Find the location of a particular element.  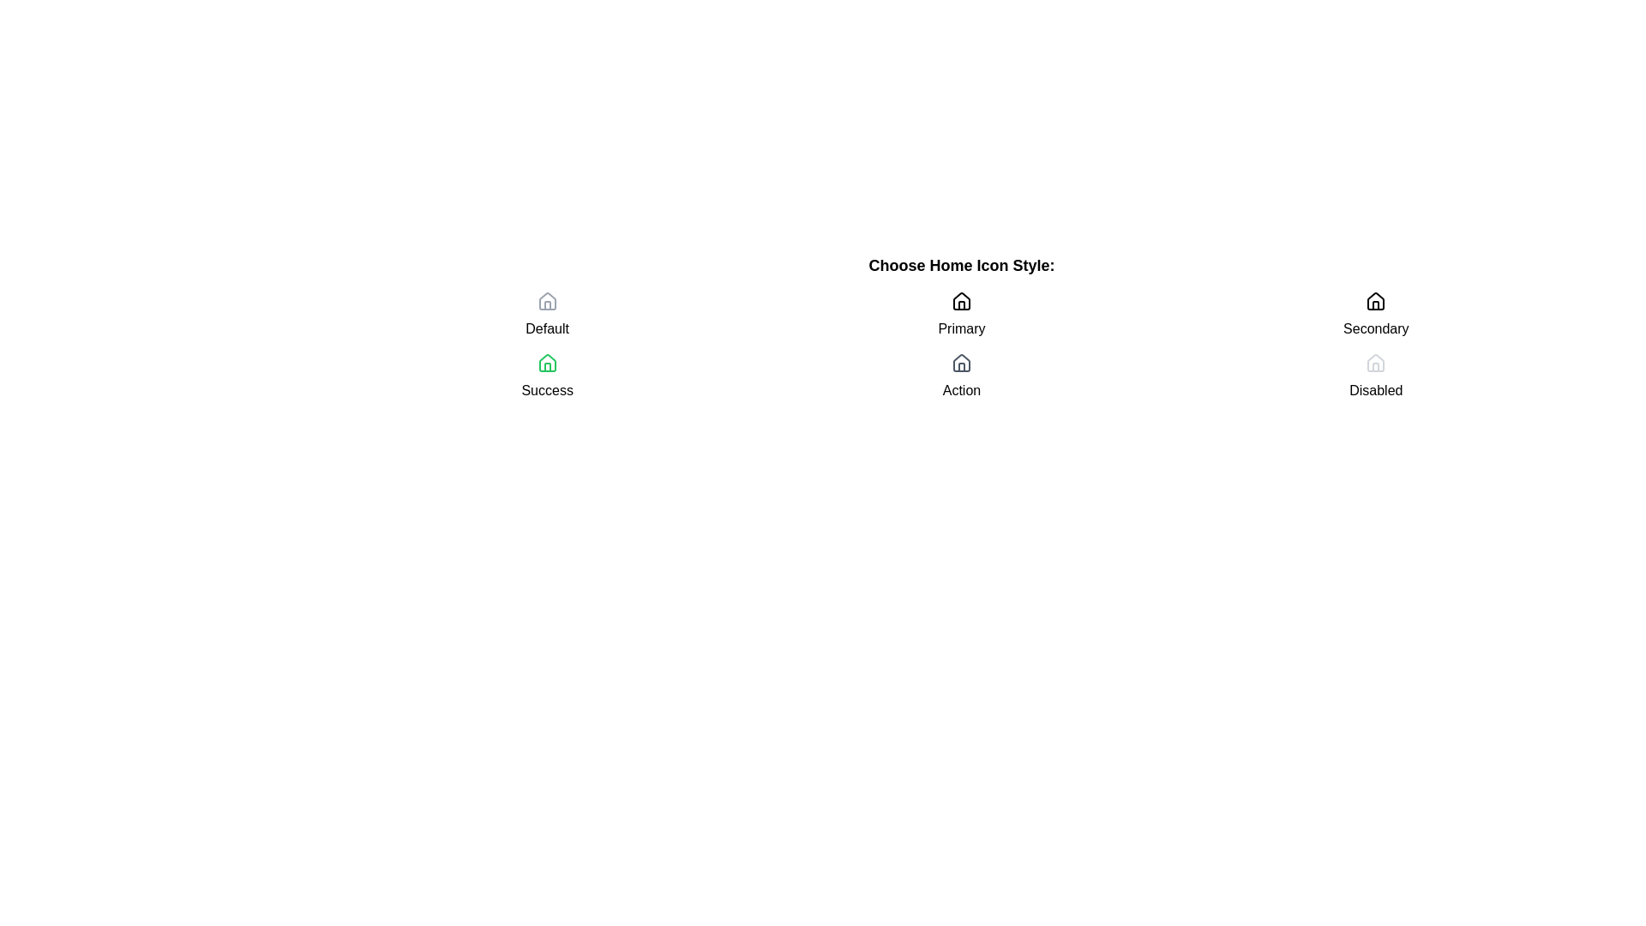

the first option selector in the grid layout, which represents the 'Default' option for the category or feature is located at coordinates (546, 315).